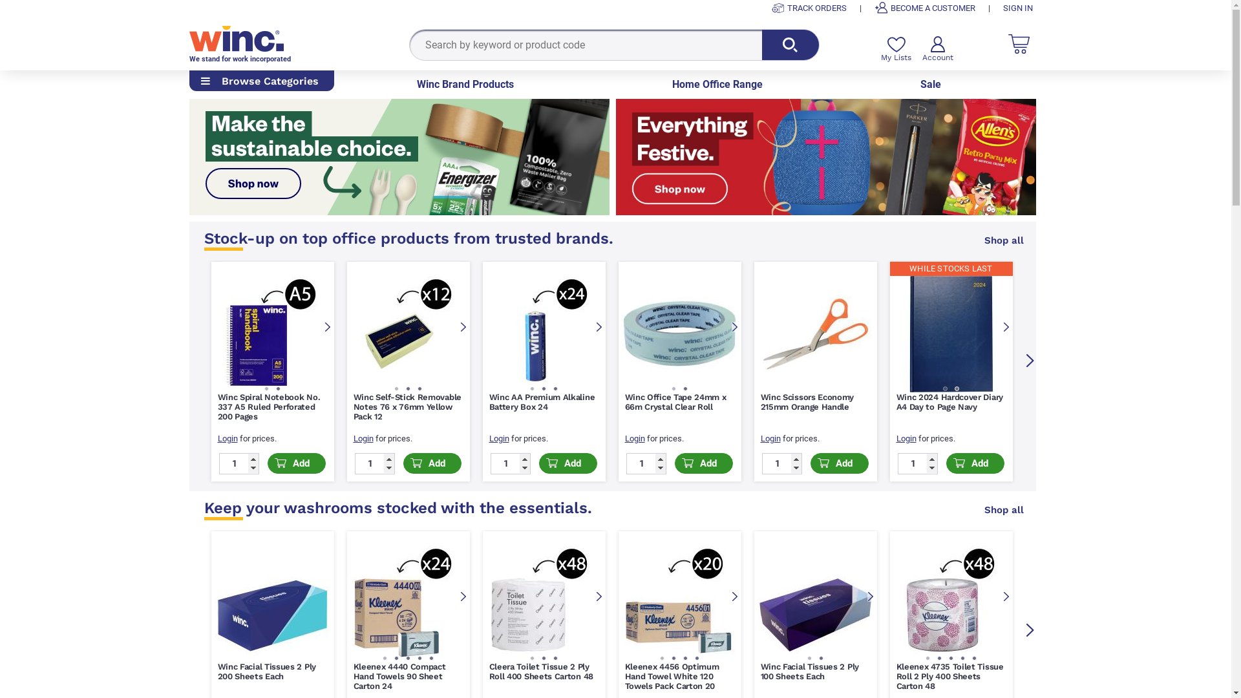  Describe the element at coordinates (260, 81) in the screenshot. I see `'Browse Categories'` at that location.